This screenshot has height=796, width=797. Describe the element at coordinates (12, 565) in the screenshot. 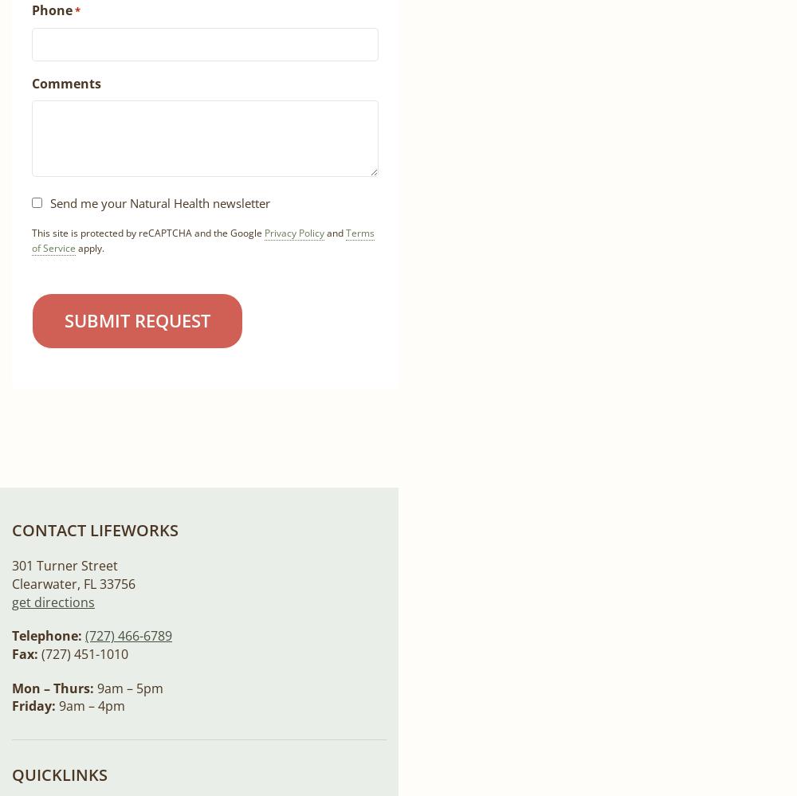

I see `'301 Turner Street'` at that location.